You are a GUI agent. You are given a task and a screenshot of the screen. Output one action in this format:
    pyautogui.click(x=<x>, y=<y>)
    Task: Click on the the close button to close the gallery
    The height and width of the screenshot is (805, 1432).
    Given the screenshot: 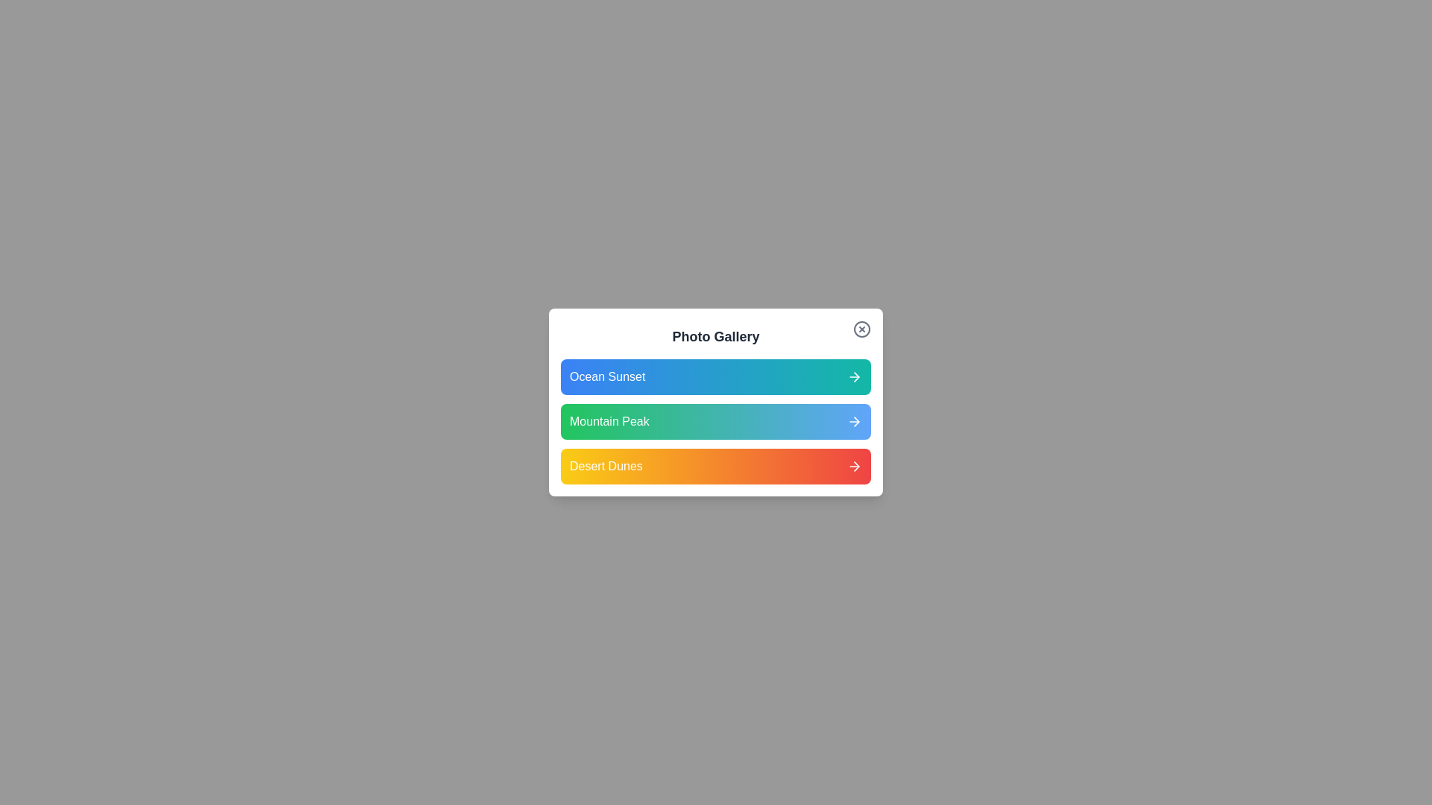 What is the action you would take?
    pyautogui.click(x=862, y=329)
    